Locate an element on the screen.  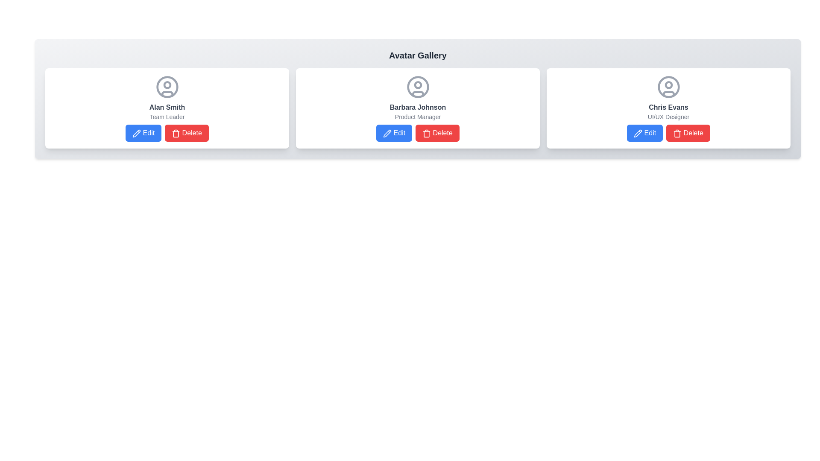
the first button at the bottom of Alan Smith's card is located at coordinates (143, 133).